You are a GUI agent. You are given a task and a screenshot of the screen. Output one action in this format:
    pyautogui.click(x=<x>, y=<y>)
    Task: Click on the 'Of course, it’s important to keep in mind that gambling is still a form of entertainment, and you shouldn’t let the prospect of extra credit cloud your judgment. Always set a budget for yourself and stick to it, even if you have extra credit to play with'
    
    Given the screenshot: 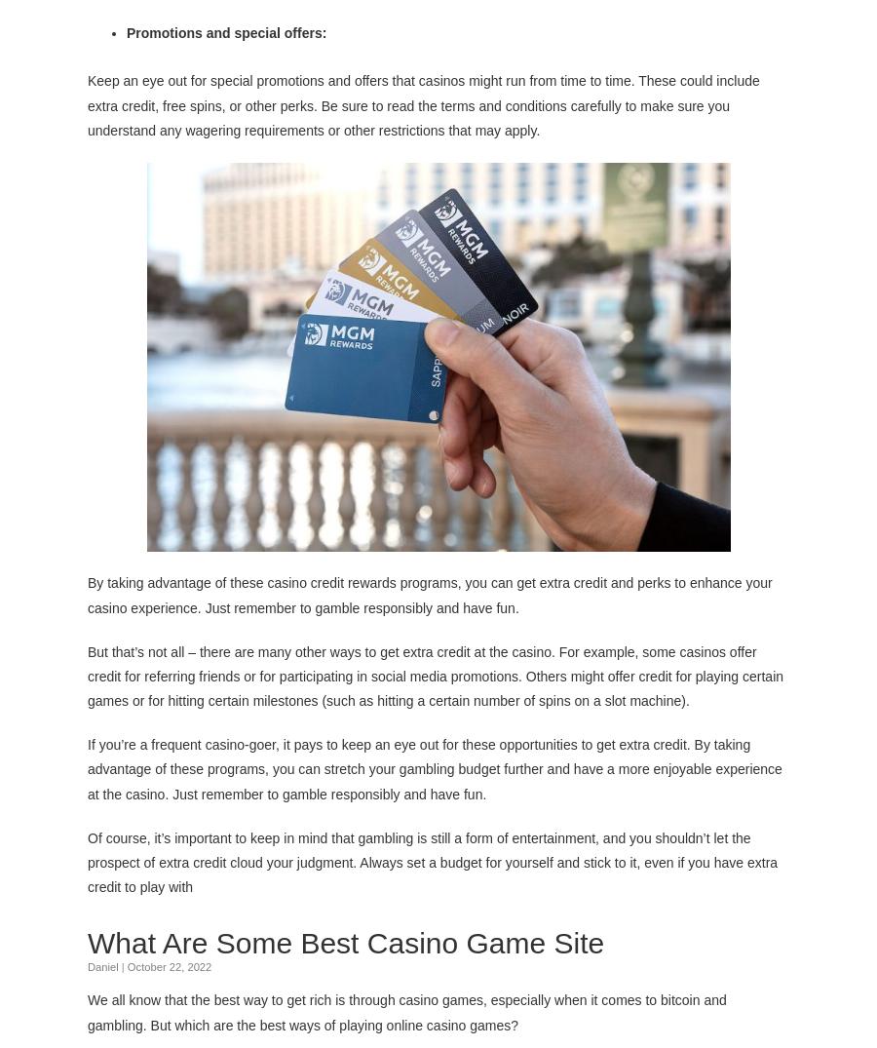 What is the action you would take?
    pyautogui.click(x=432, y=861)
    